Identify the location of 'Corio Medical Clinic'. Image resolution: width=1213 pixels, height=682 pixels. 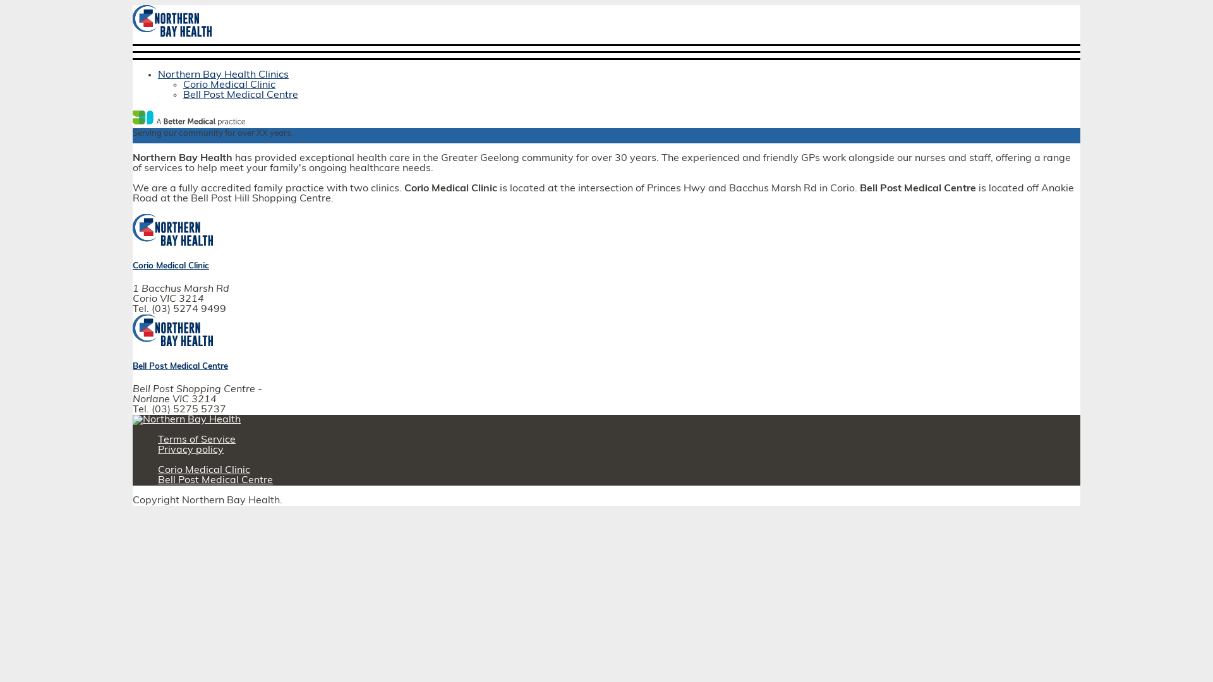
(157, 470).